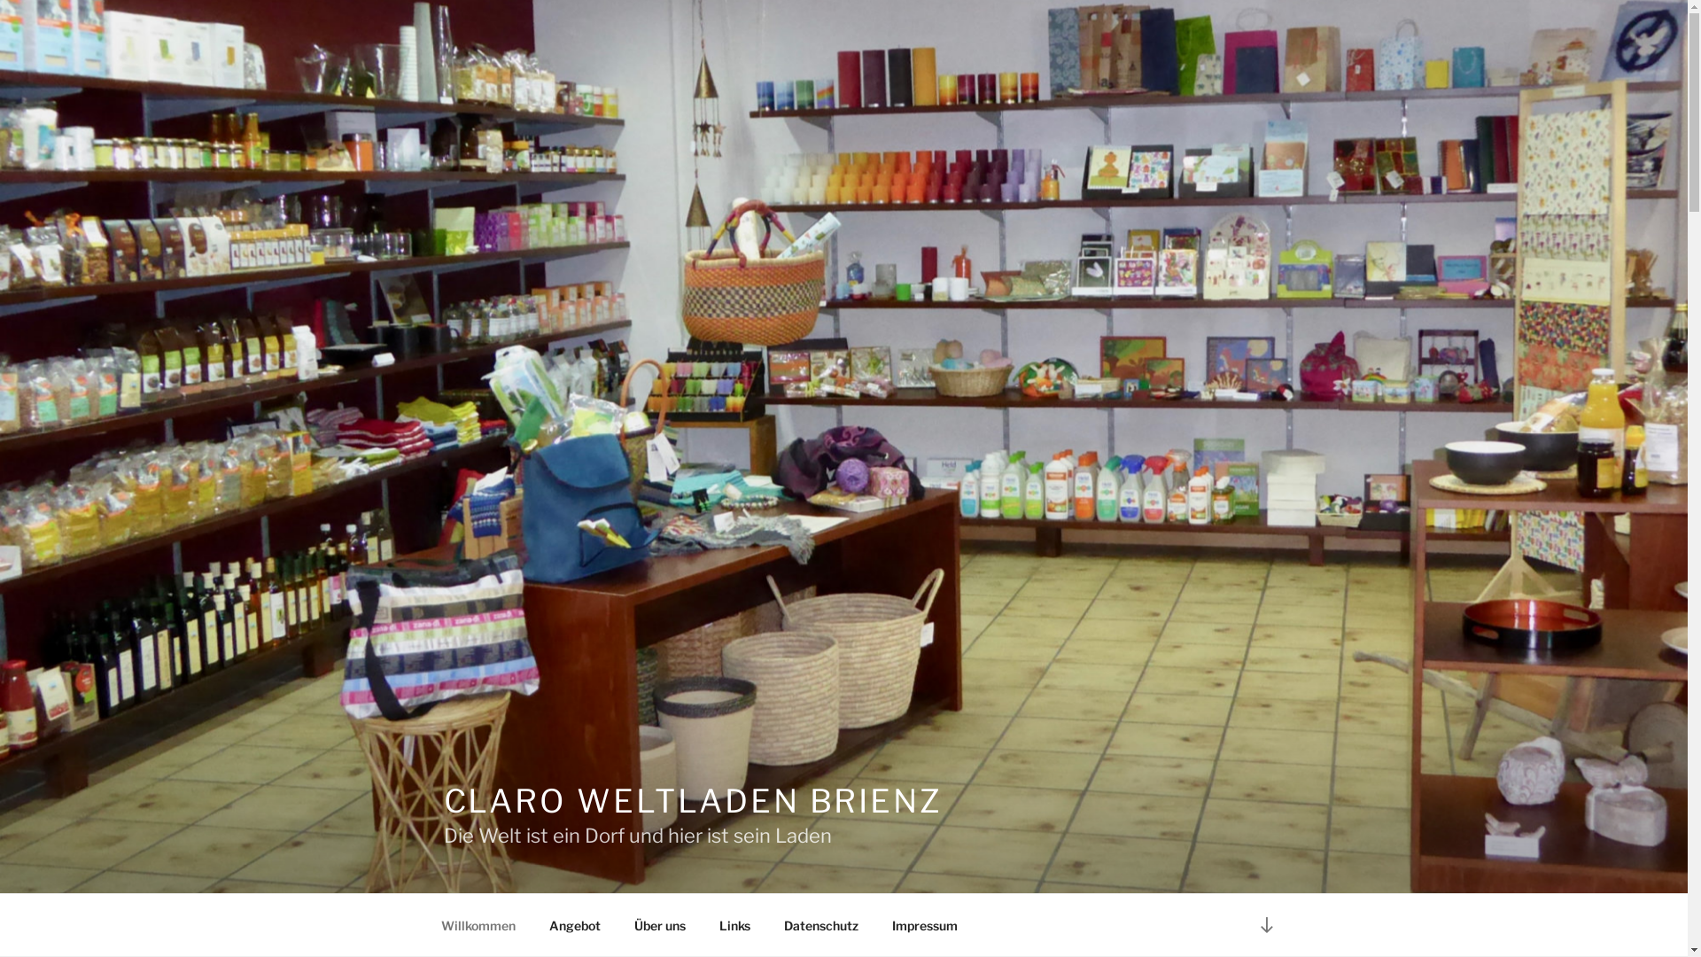 This screenshot has width=1701, height=957. What do you see at coordinates (820, 924) in the screenshot?
I see `'Datenschutz'` at bounding box center [820, 924].